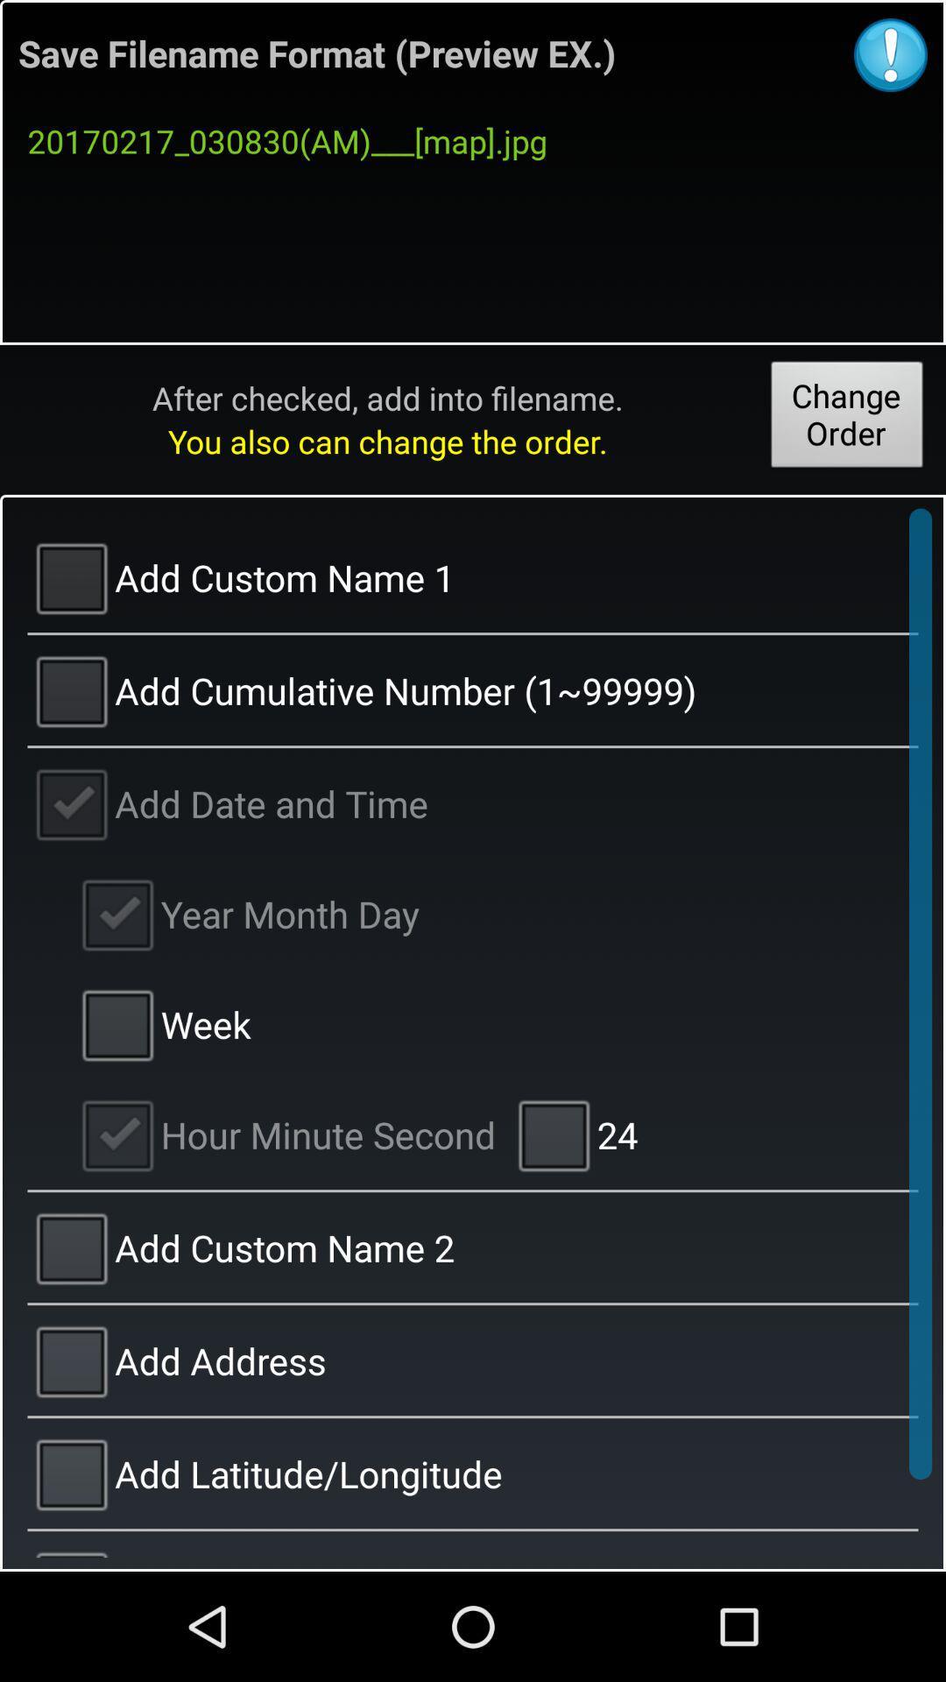 The width and height of the screenshot is (946, 1682). I want to click on the text below add custom name 1, so click(473, 689).